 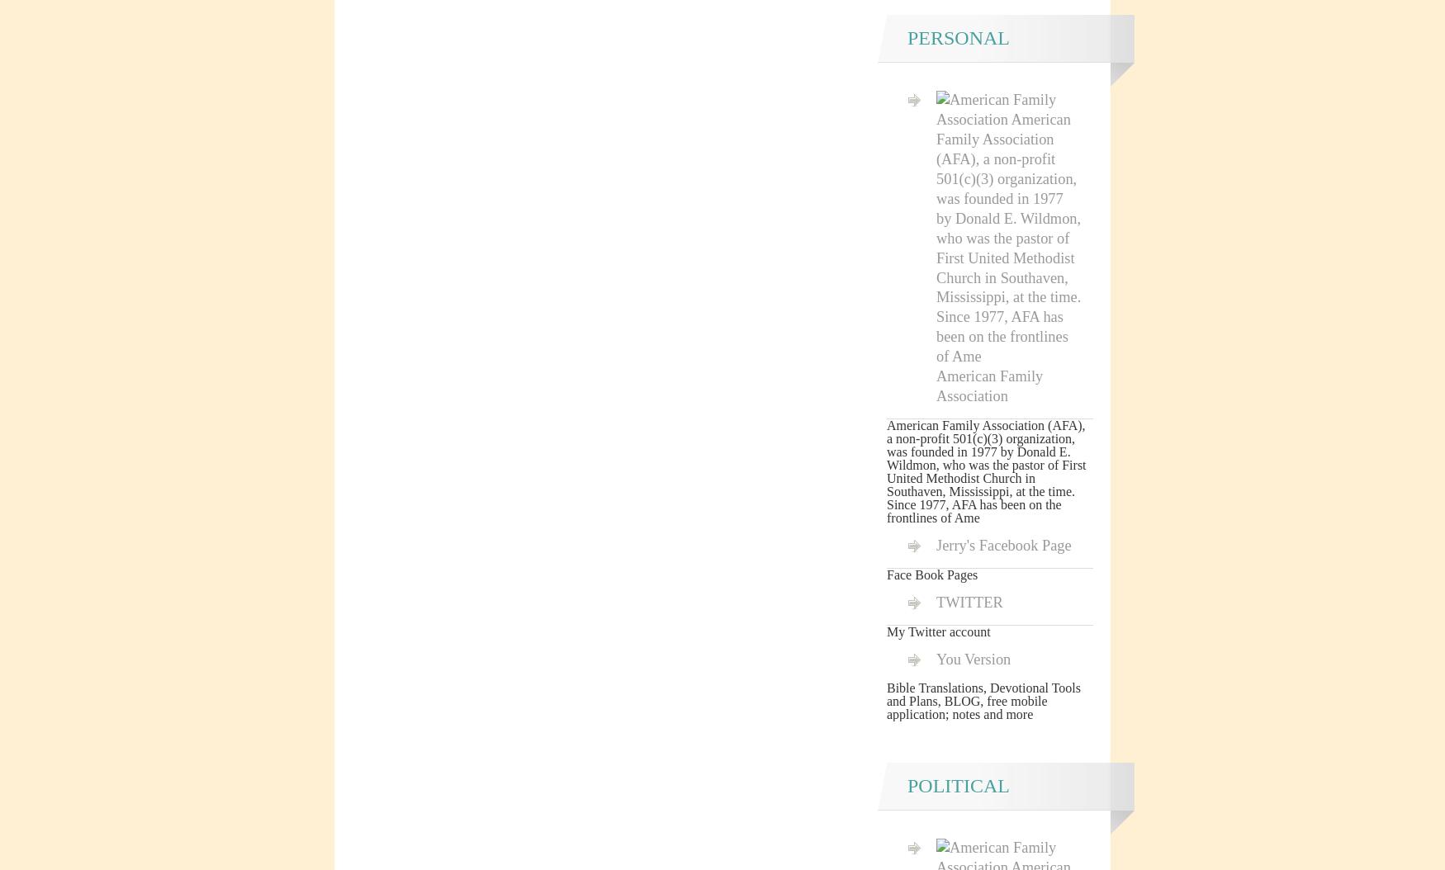 What do you see at coordinates (957, 37) in the screenshot?
I see `'Personal'` at bounding box center [957, 37].